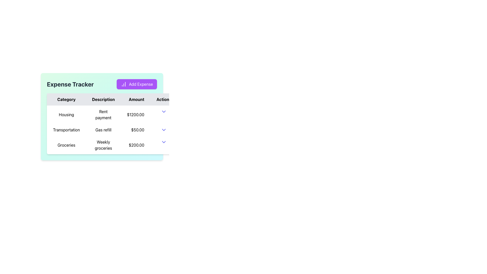 The height and width of the screenshot is (274, 487). Describe the element at coordinates (112, 145) in the screenshot. I see `the third row of the expense items table, which includes the category 'Groceries', description 'Weekly groceries', and amount '$200.00'` at that location.